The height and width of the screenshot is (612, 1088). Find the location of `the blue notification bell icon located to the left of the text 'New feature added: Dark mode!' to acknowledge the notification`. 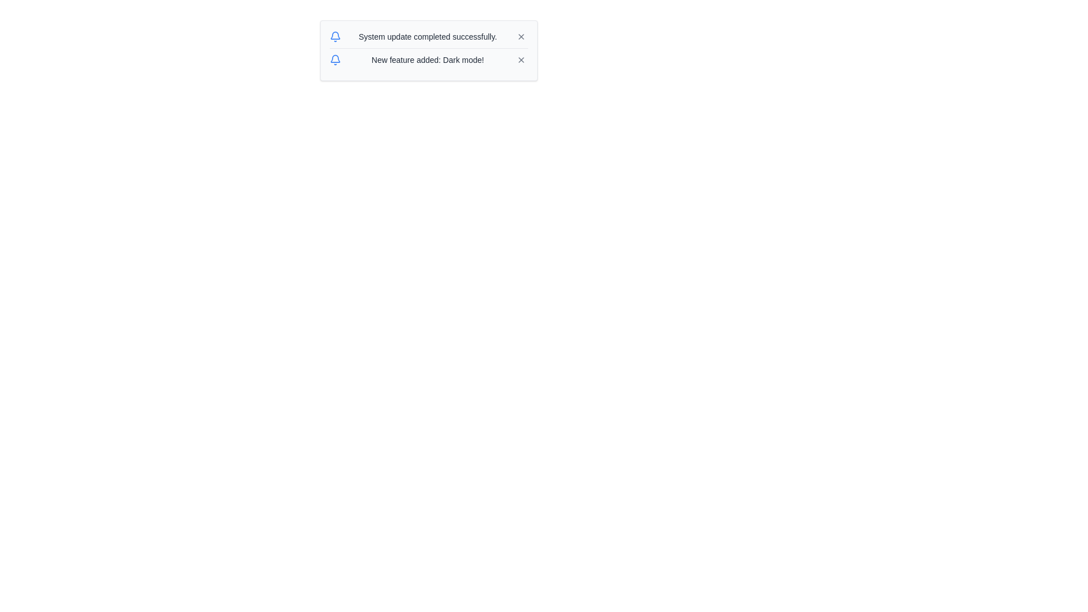

the blue notification bell icon located to the left of the text 'New feature added: Dark mode!' to acknowledge the notification is located at coordinates (334, 59).